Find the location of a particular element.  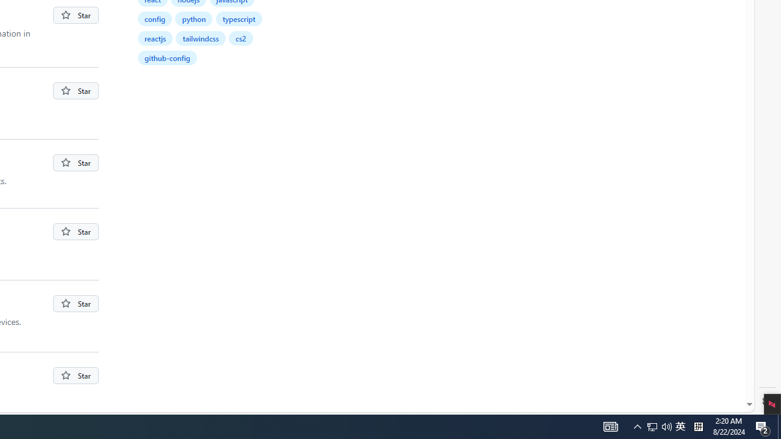

'typescript' is located at coordinates (239, 18).